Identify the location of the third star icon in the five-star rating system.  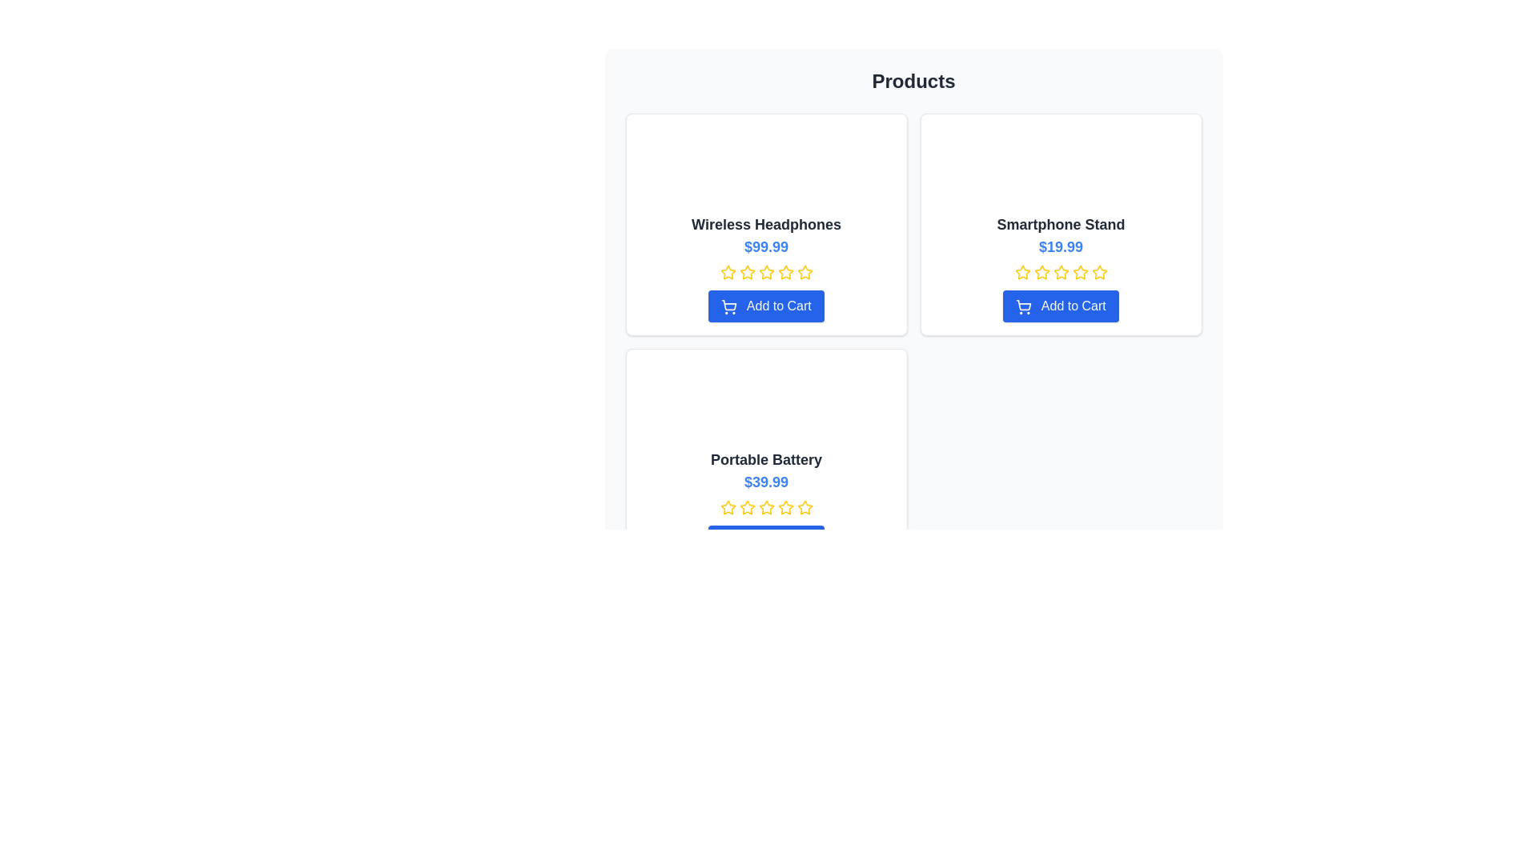
(1079, 270).